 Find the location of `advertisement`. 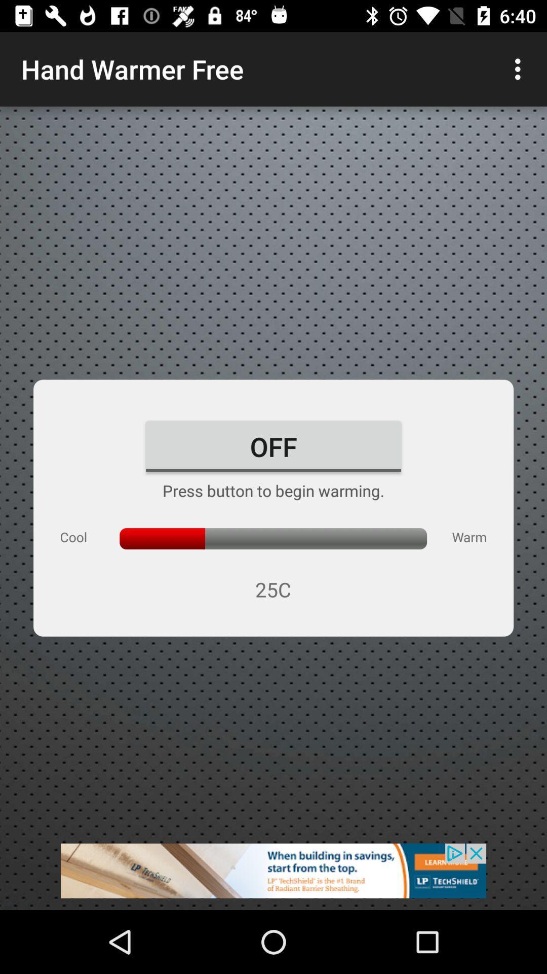

advertisement is located at coordinates (273, 876).